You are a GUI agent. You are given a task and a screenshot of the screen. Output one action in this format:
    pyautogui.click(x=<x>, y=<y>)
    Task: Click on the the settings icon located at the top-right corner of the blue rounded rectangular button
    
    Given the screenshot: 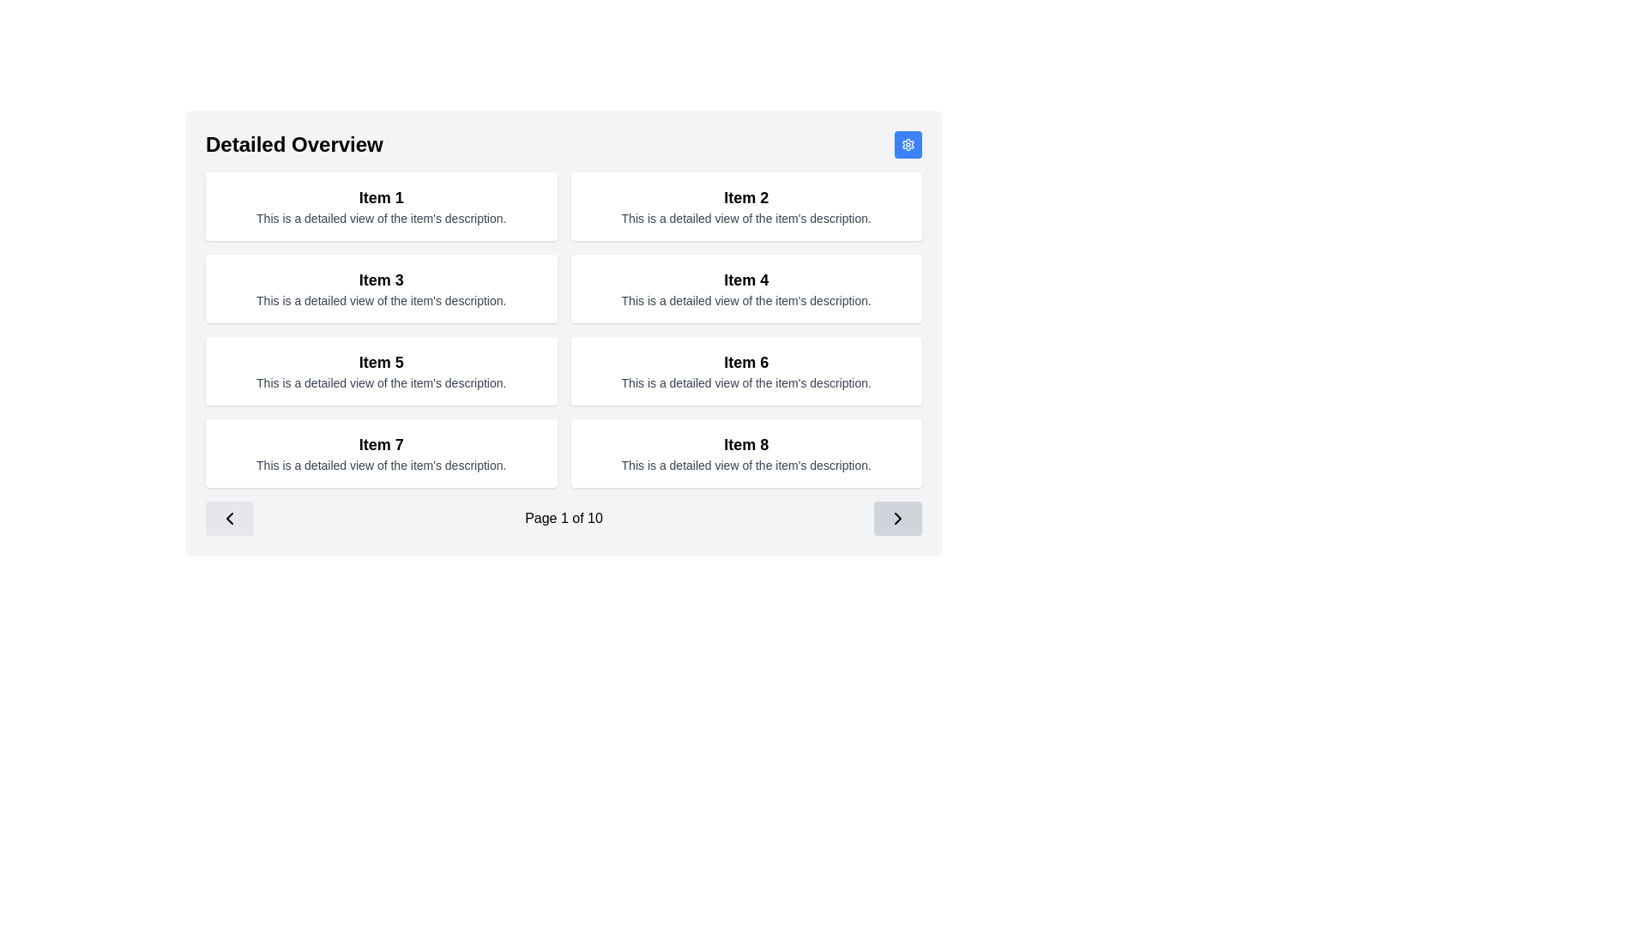 What is the action you would take?
    pyautogui.click(x=908, y=144)
    